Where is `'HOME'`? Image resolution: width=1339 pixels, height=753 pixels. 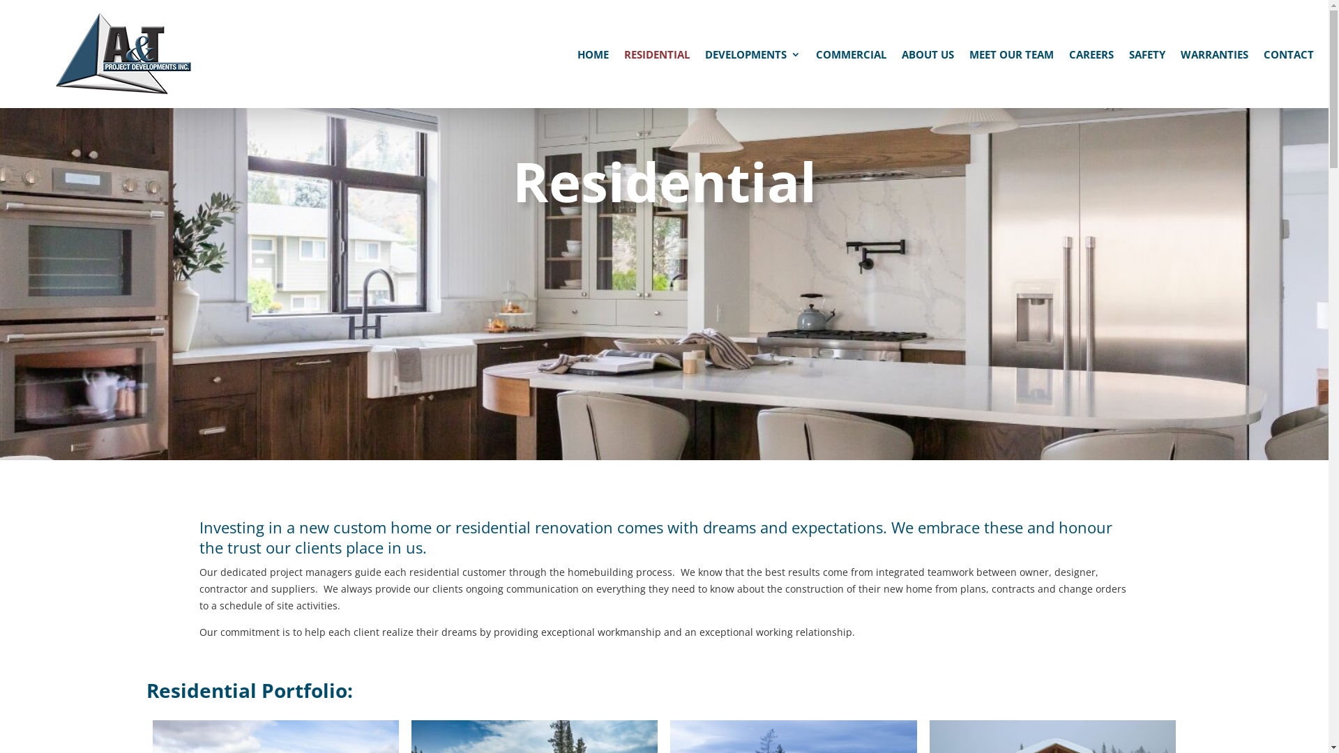
'HOME' is located at coordinates (593, 56).